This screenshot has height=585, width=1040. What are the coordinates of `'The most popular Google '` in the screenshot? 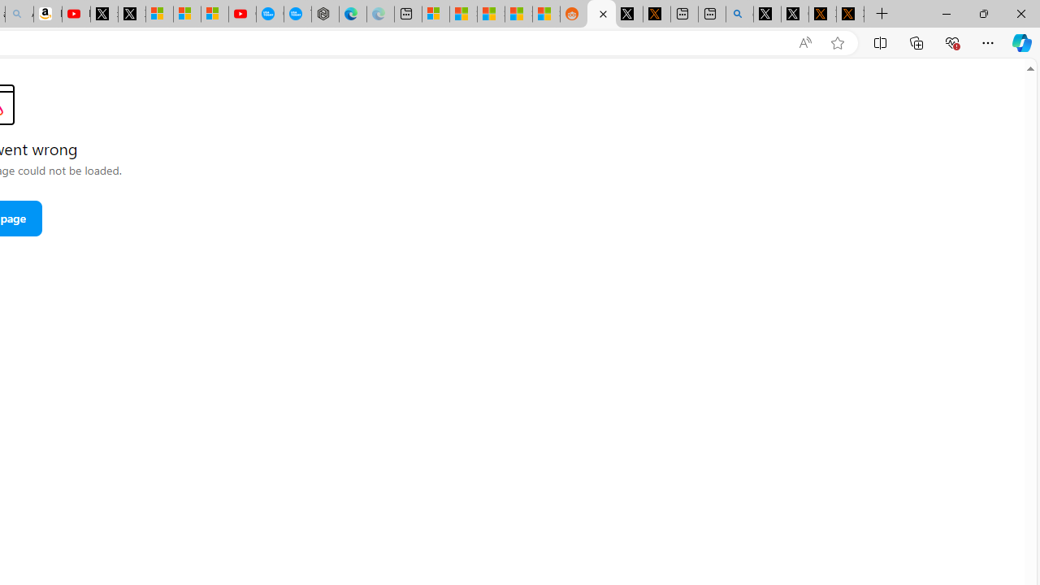 It's located at (297, 14).